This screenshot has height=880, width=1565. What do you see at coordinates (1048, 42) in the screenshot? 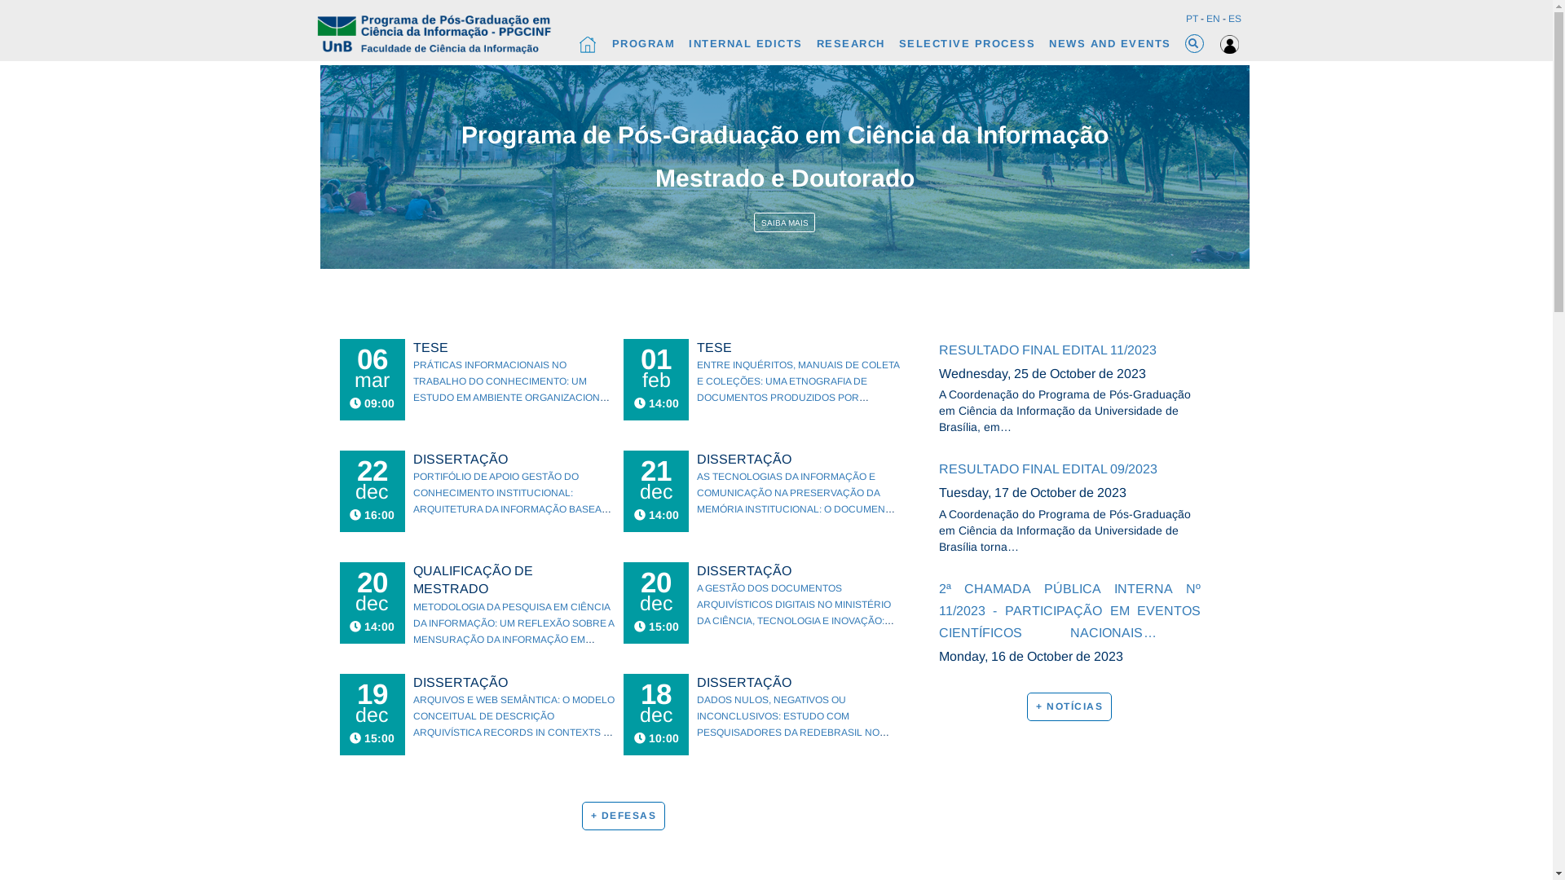
I see `'NEWS AND EVENTS'` at bounding box center [1048, 42].